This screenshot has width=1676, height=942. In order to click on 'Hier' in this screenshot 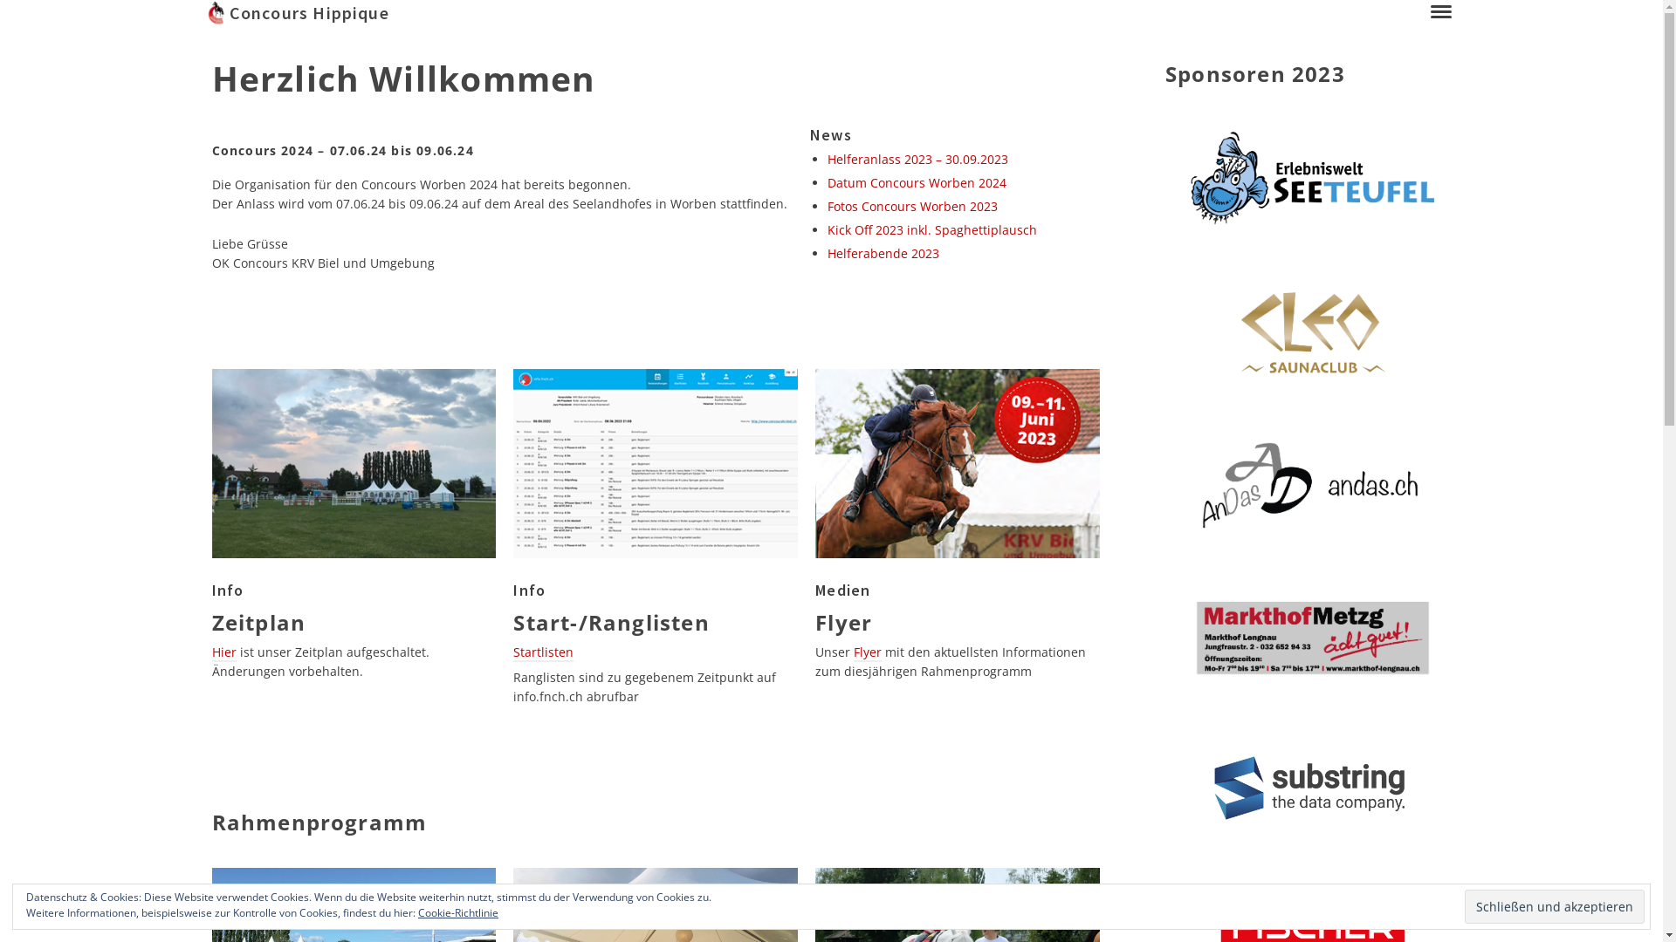, I will do `click(222, 652)`.